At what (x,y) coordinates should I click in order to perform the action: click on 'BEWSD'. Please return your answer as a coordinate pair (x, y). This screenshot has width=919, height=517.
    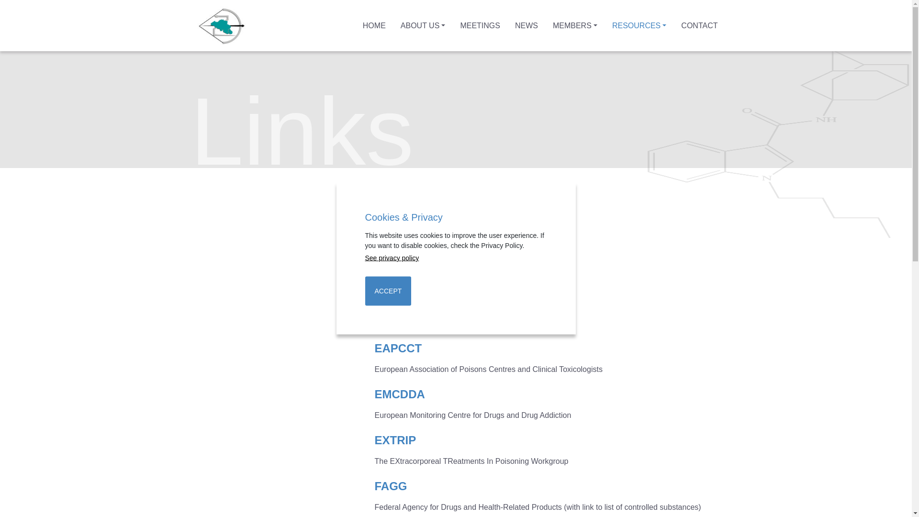
    Looking at the image, I should click on (395, 302).